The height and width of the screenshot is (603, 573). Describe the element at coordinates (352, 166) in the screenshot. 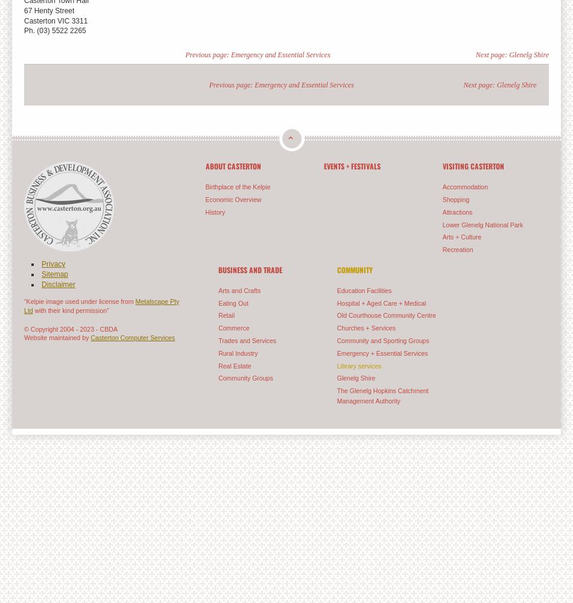

I see `'Events + Festivals'` at that location.